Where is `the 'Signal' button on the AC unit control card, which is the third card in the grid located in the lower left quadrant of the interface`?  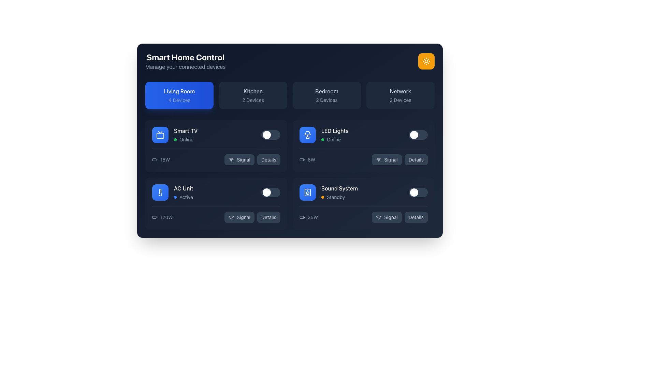
the 'Signal' button on the AC unit control card, which is the third card in the grid located in the lower left quadrant of the interface is located at coordinates (216, 203).